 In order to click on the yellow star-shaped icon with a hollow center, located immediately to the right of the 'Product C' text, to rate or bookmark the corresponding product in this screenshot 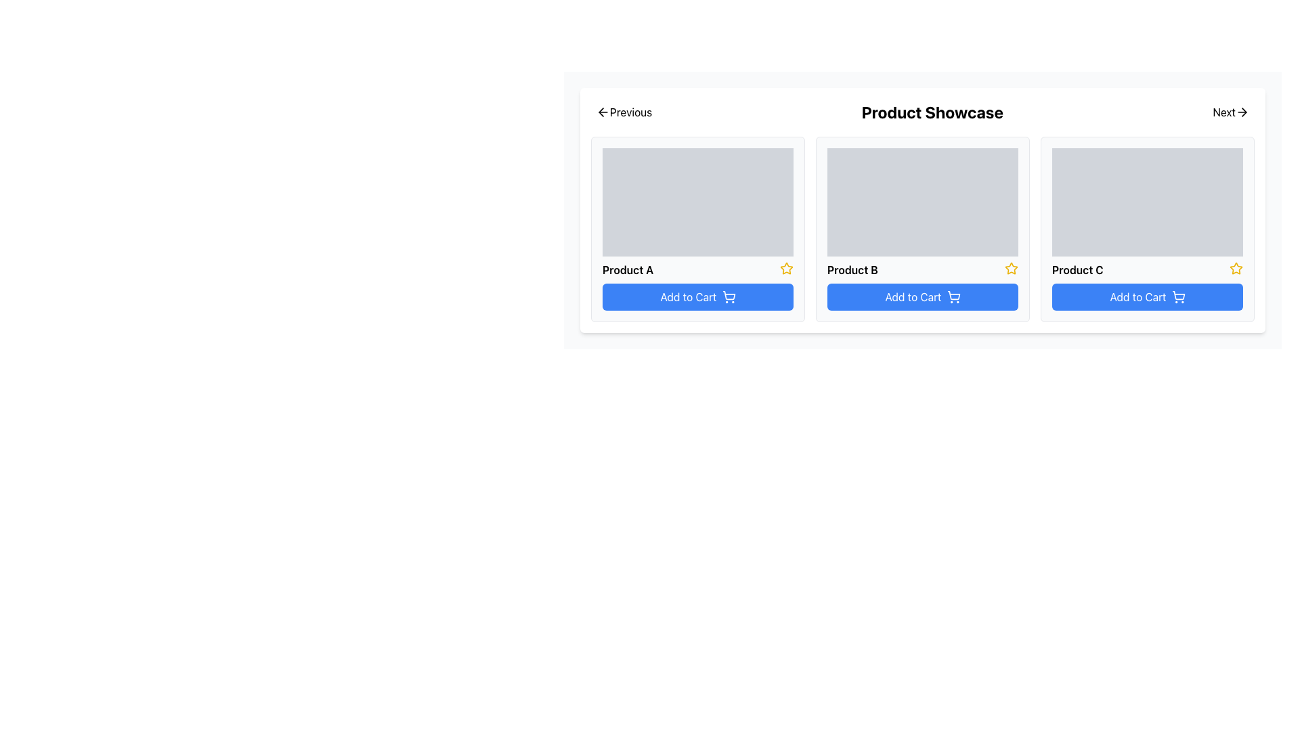, I will do `click(1236, 269)`.